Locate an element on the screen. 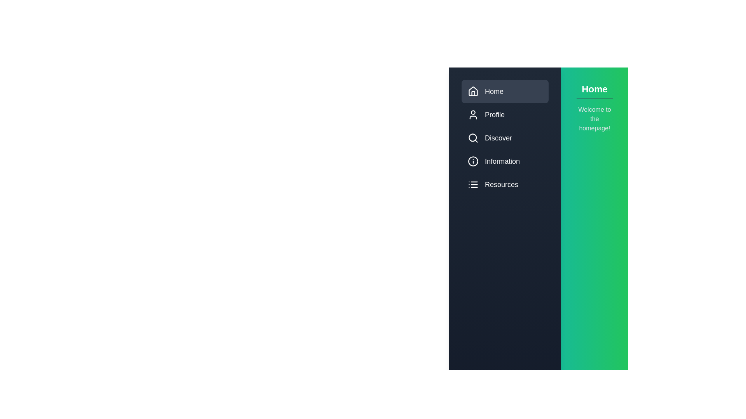 The image size is (746, 419). the menu item labeled Discover to switch the active content is located at coordinates (505, 137).